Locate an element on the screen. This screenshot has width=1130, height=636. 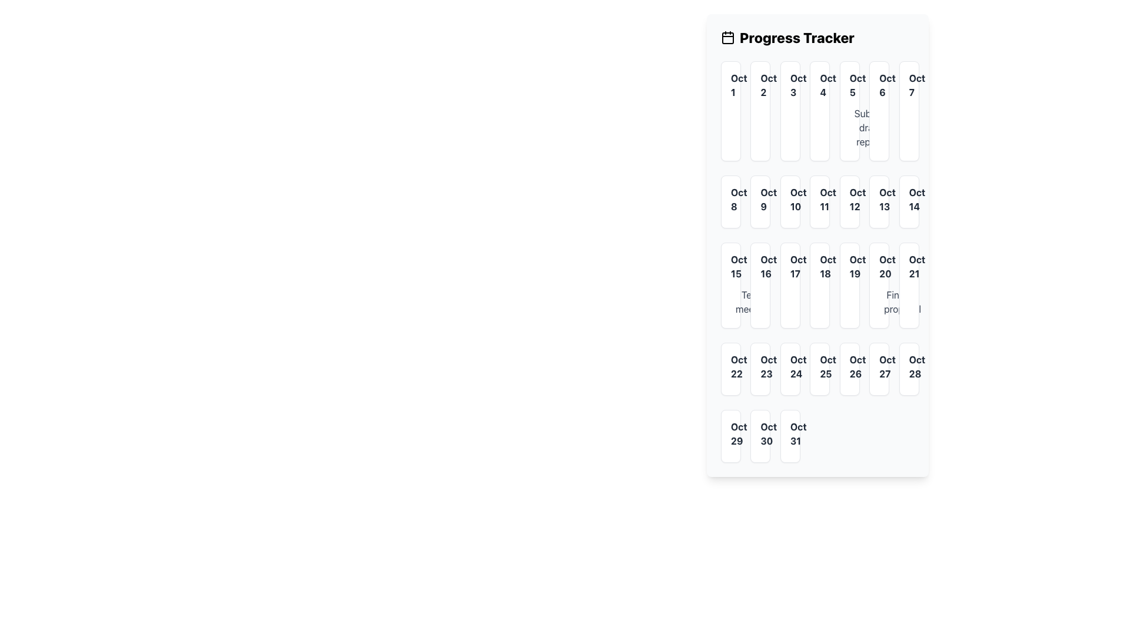
the date card element labeled 'Oct 13' which is styled with a white background, faint gray borders, and located in the second row and sixth column of the grid is located at coordinates (879, 201).